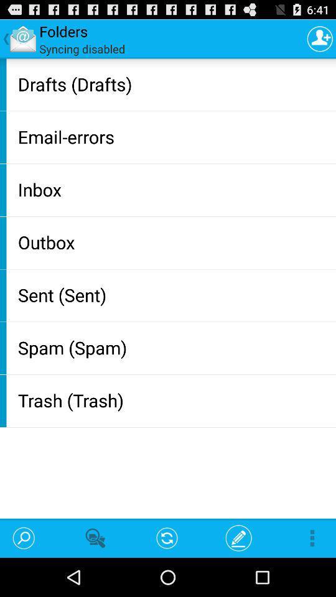  What do you see at coordinates (174, 136) in the screenshot?
I see `app above inbox item` at bounding box center [174, 136].